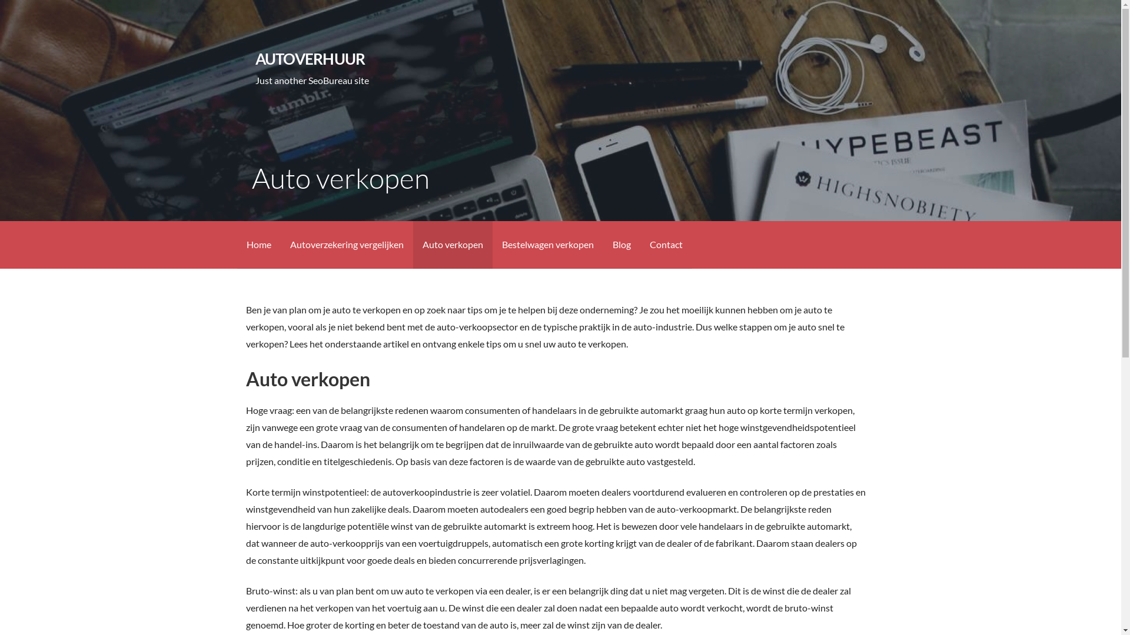 The height and width of the screenshot is (635, 1130). Describe the element at coordinates (254, 59) in the screenshot. I see `'AUTOVERHUUR'` at that location.